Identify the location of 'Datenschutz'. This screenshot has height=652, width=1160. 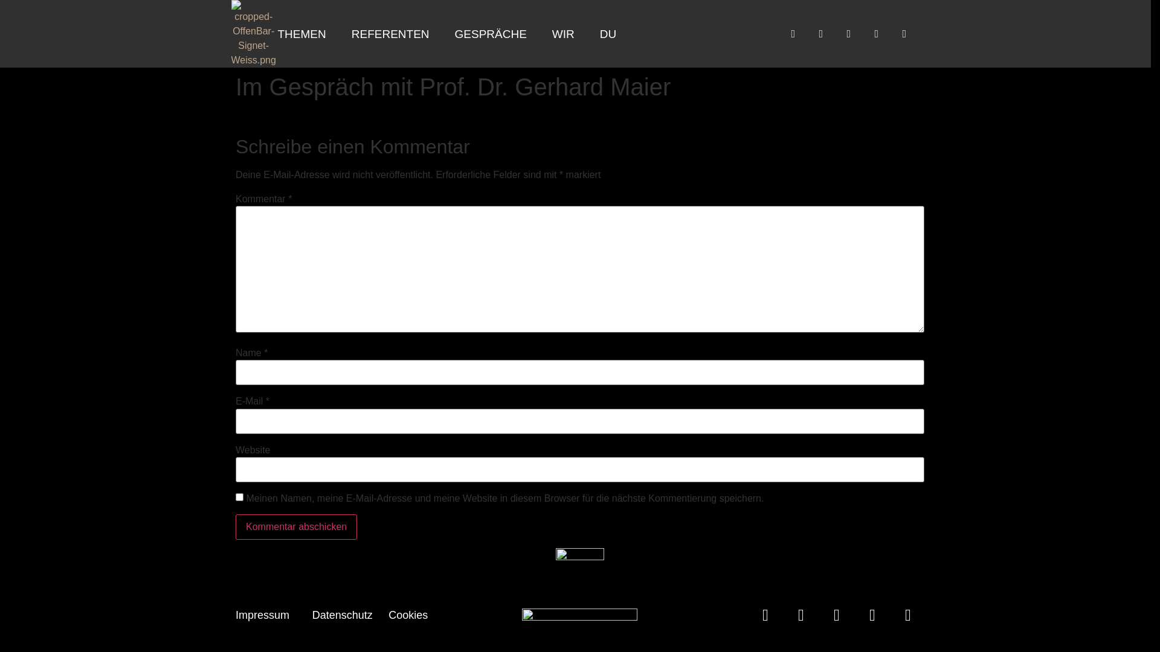
(341, 615).